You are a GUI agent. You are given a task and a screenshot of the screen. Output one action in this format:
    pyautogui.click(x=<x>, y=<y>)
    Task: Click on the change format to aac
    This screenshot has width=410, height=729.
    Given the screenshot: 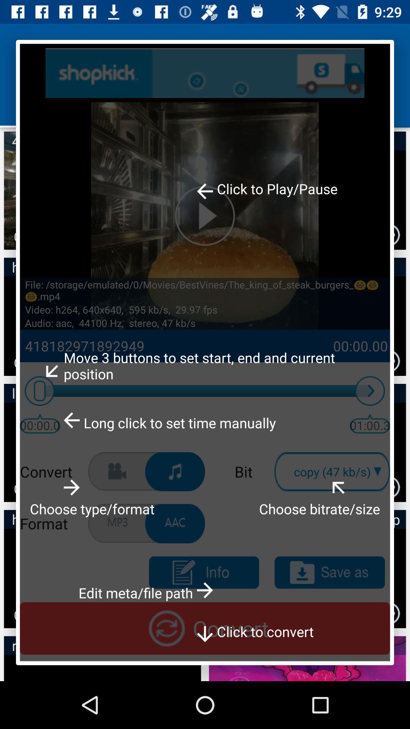 What is the action you would take?
    pyautogui.click(x=175, y=523)
    